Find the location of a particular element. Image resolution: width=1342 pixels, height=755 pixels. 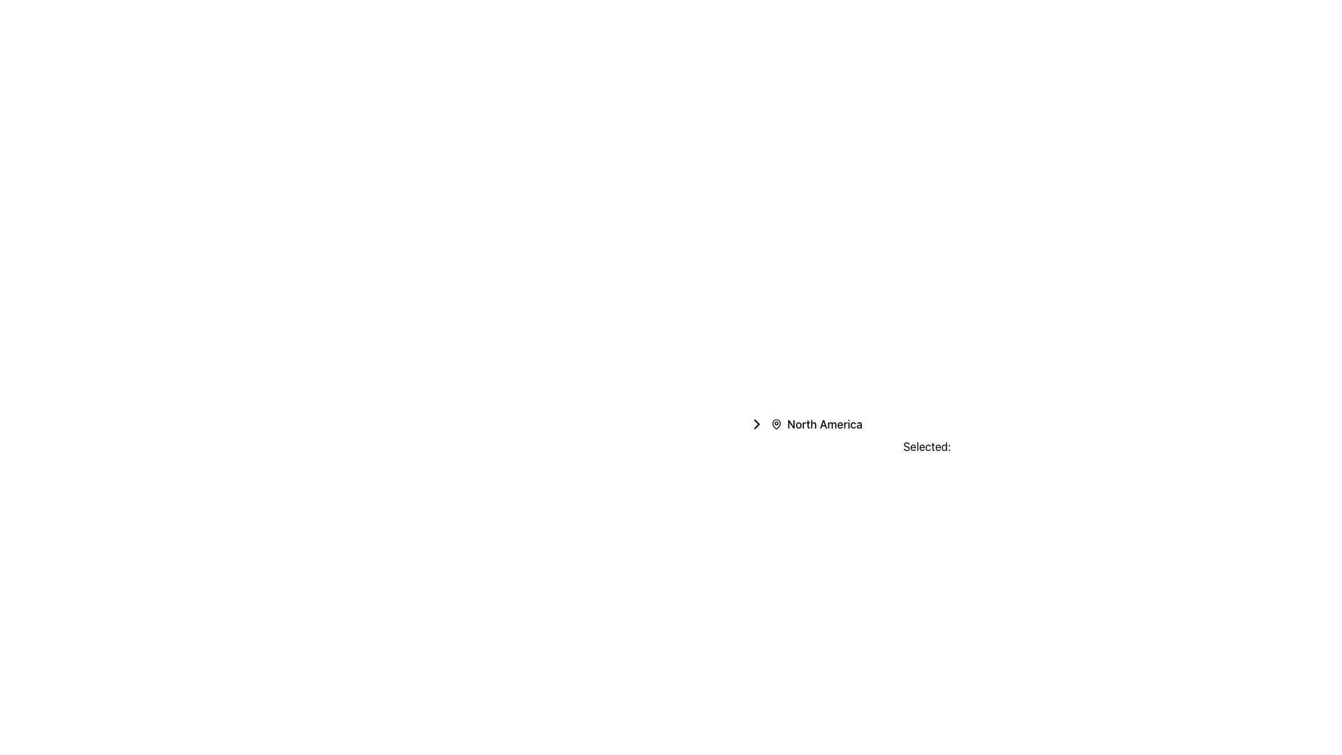

the right arrow icon located to the left of the text 'North America' is located at coordinates (756, 423).